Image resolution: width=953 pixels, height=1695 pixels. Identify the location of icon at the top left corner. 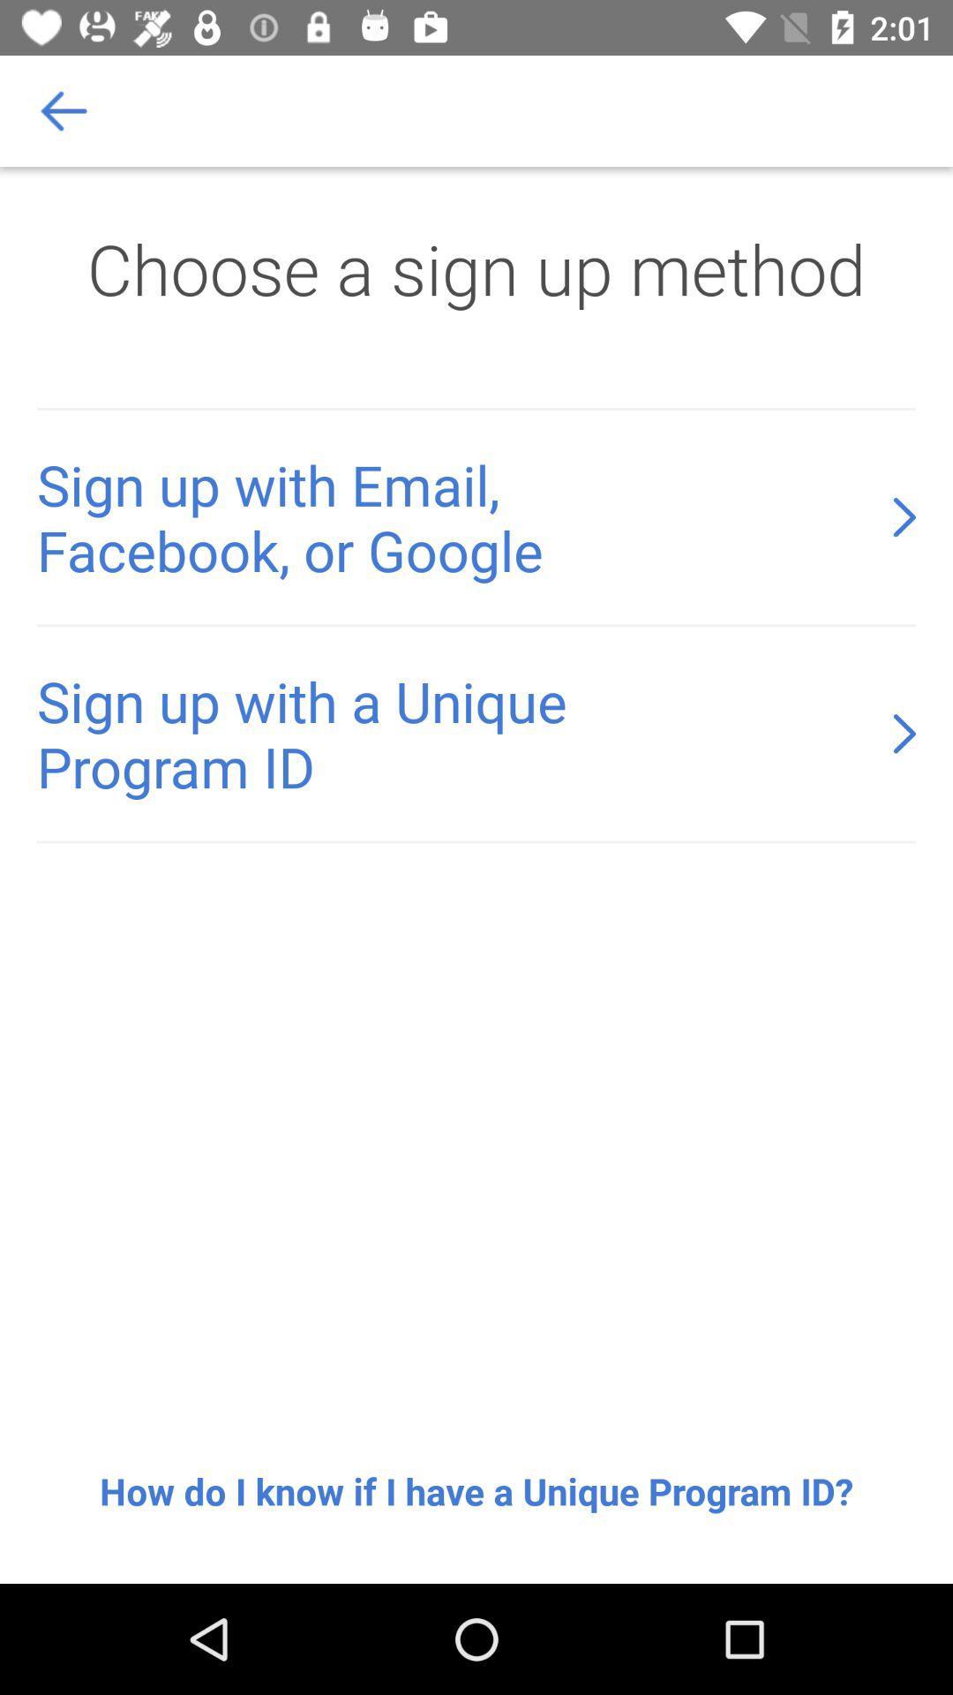
(64, 109).